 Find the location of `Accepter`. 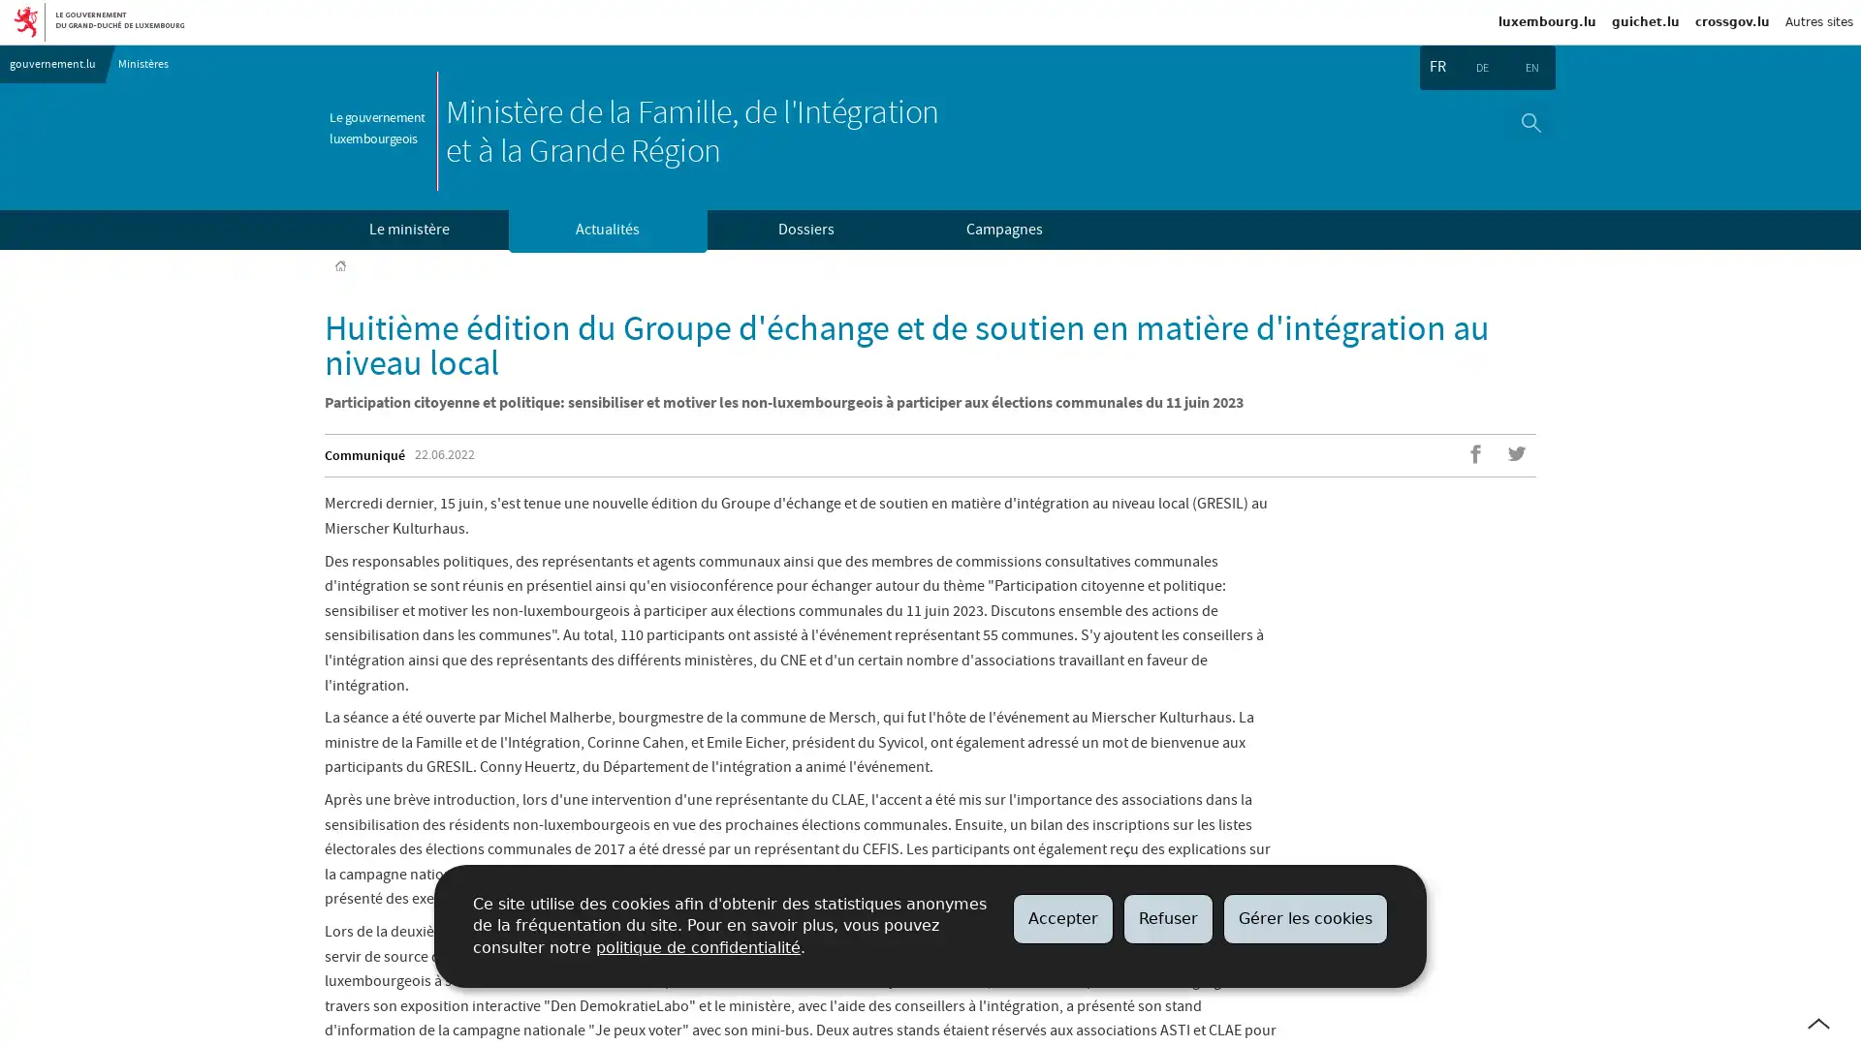

Accepter is located at coordinates (1062, 917).